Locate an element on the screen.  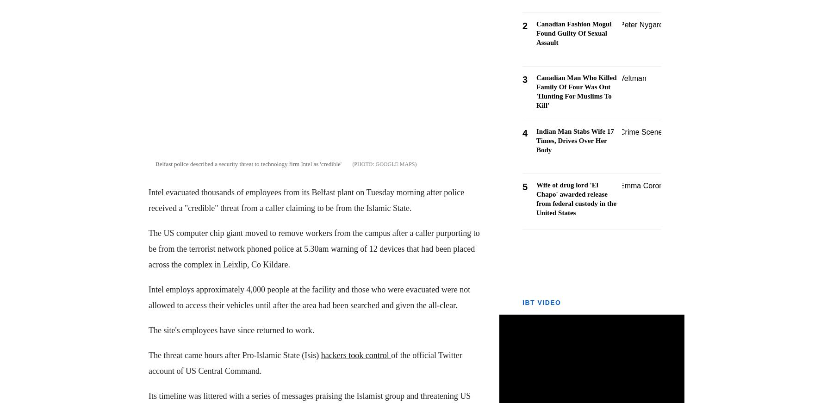
'- Real Estate' is located at coordinates (25, 369).